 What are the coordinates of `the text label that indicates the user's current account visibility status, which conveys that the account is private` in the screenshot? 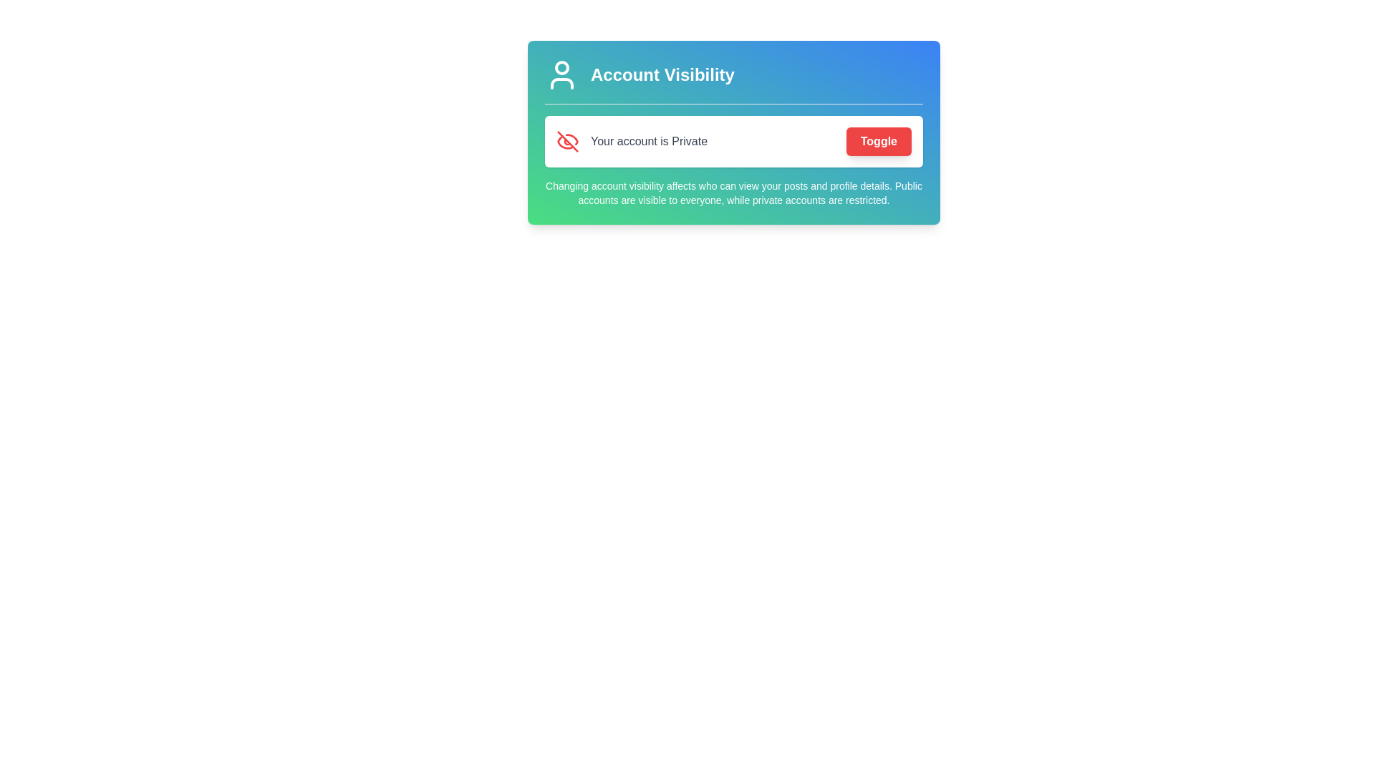 It's located at (648, 141).